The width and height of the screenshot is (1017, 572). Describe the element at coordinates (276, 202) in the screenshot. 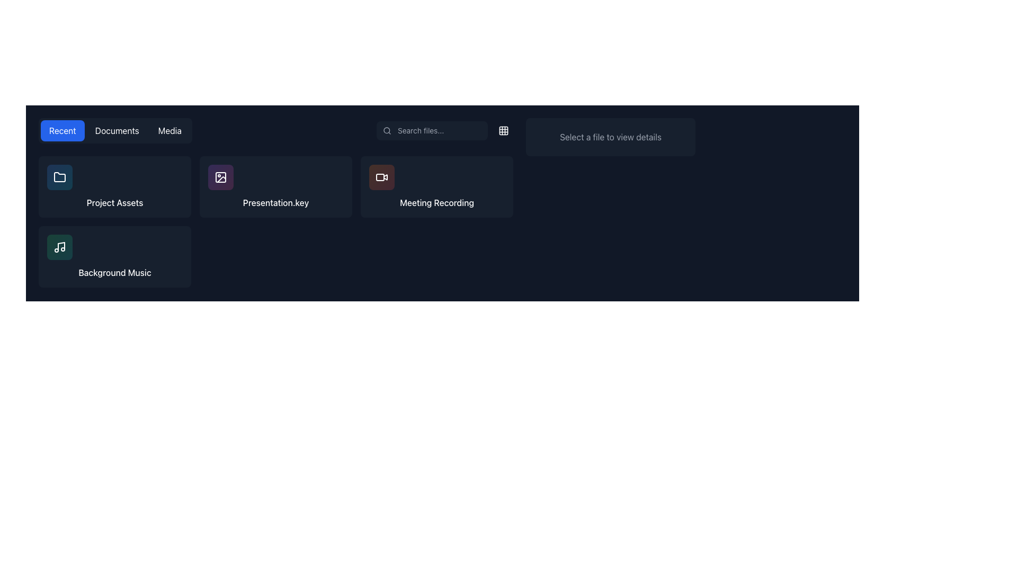

I see `the Content Grid Layout, which is a vertically rectangular section containing a grid layout of clickable items` at that location.